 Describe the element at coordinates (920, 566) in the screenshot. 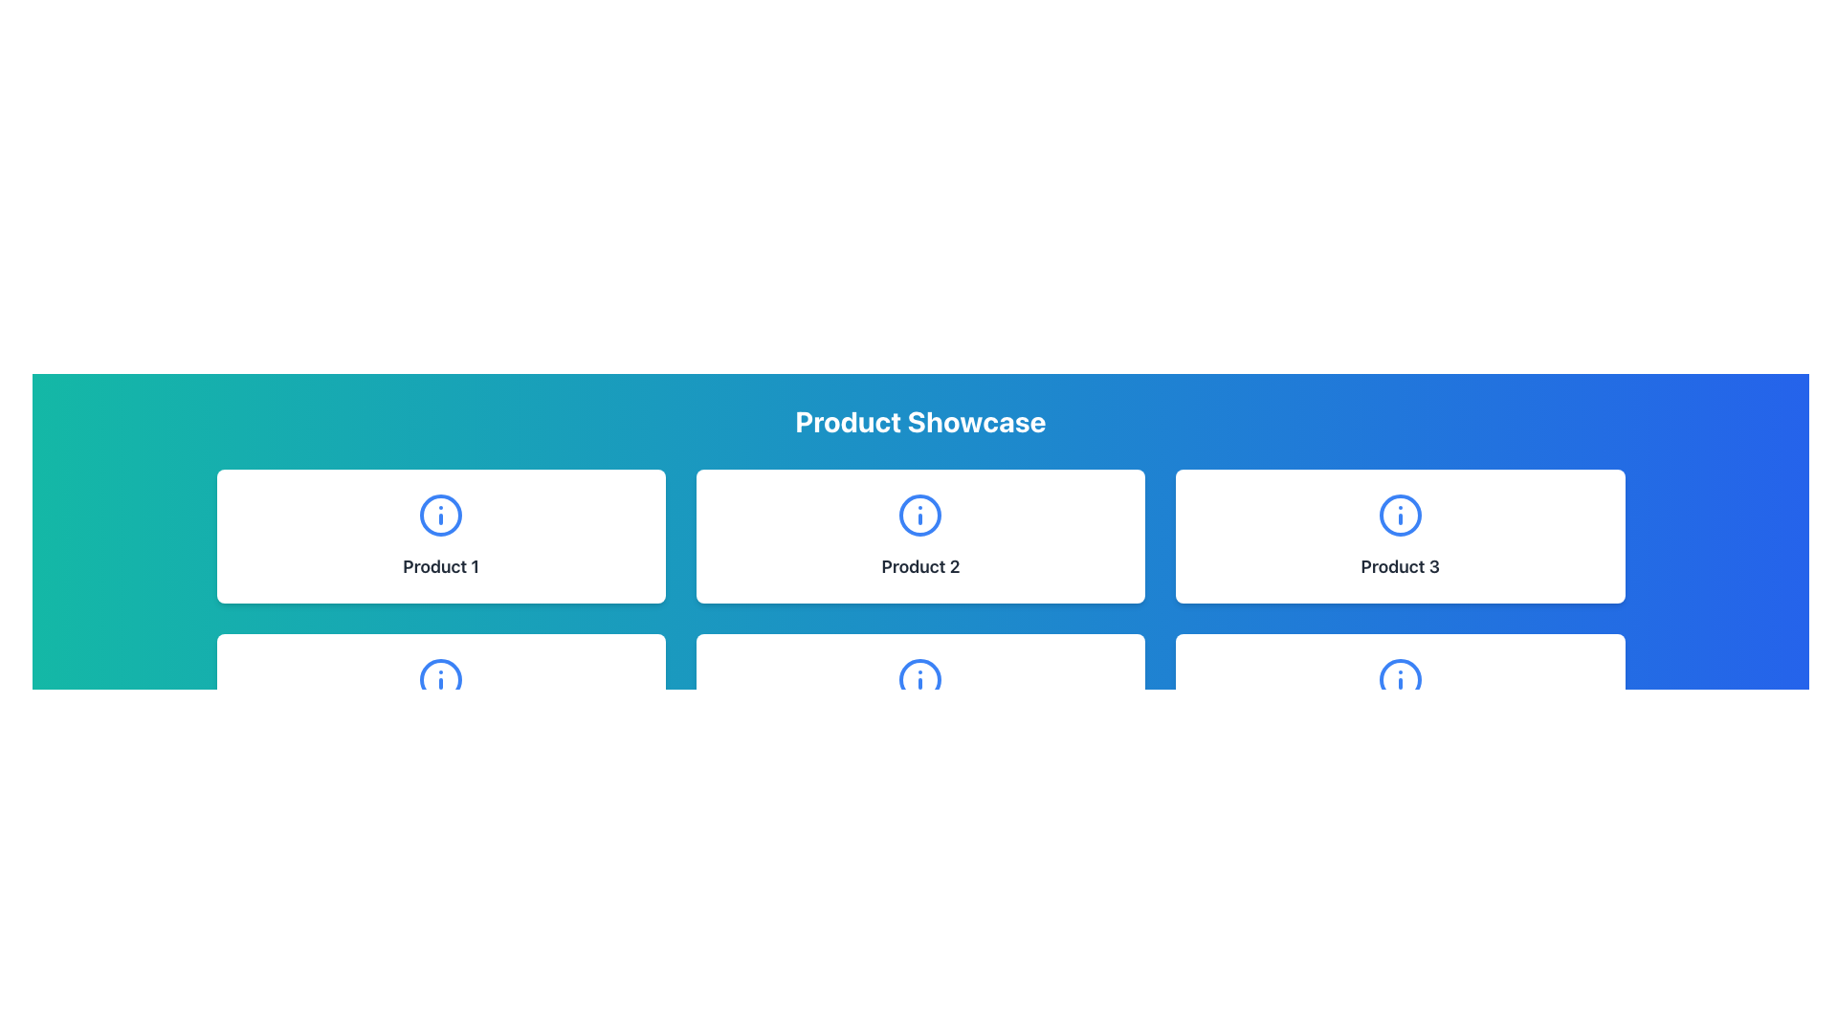

I see `text content of the product name label located below the circular blue icon in the center card of the Product Showcase section` at that location.